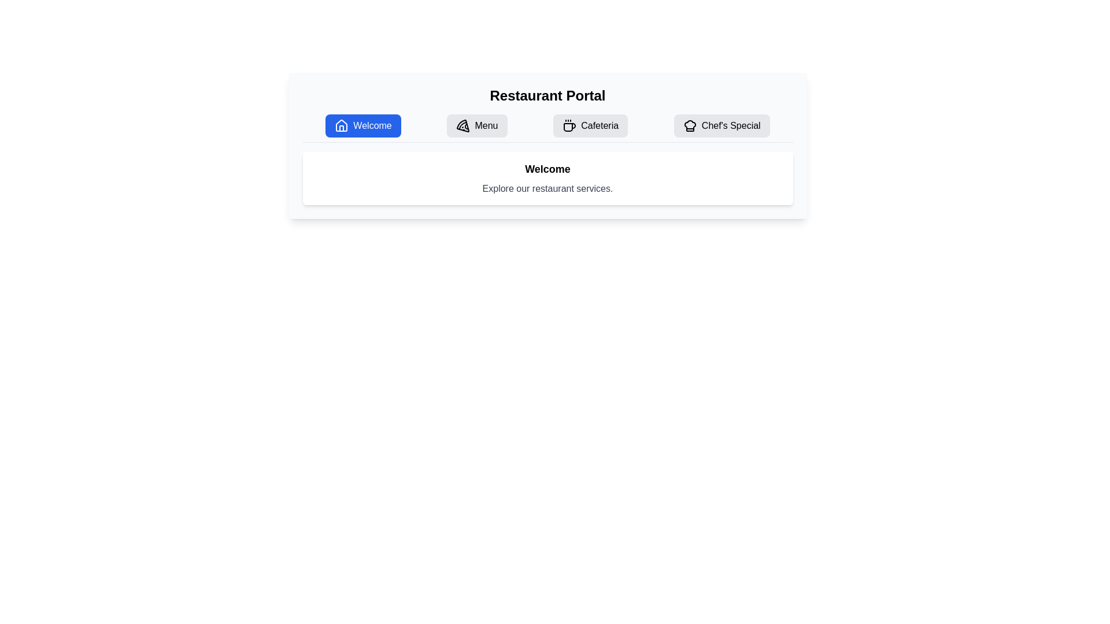 The height and width of the screenshot is (624, 1110). Describe the element at coordinates (341, 125) in the screenshot. I see `the 'Welcome' button which represents the home or main menu functionality, located at the top section of the interface` at that location.